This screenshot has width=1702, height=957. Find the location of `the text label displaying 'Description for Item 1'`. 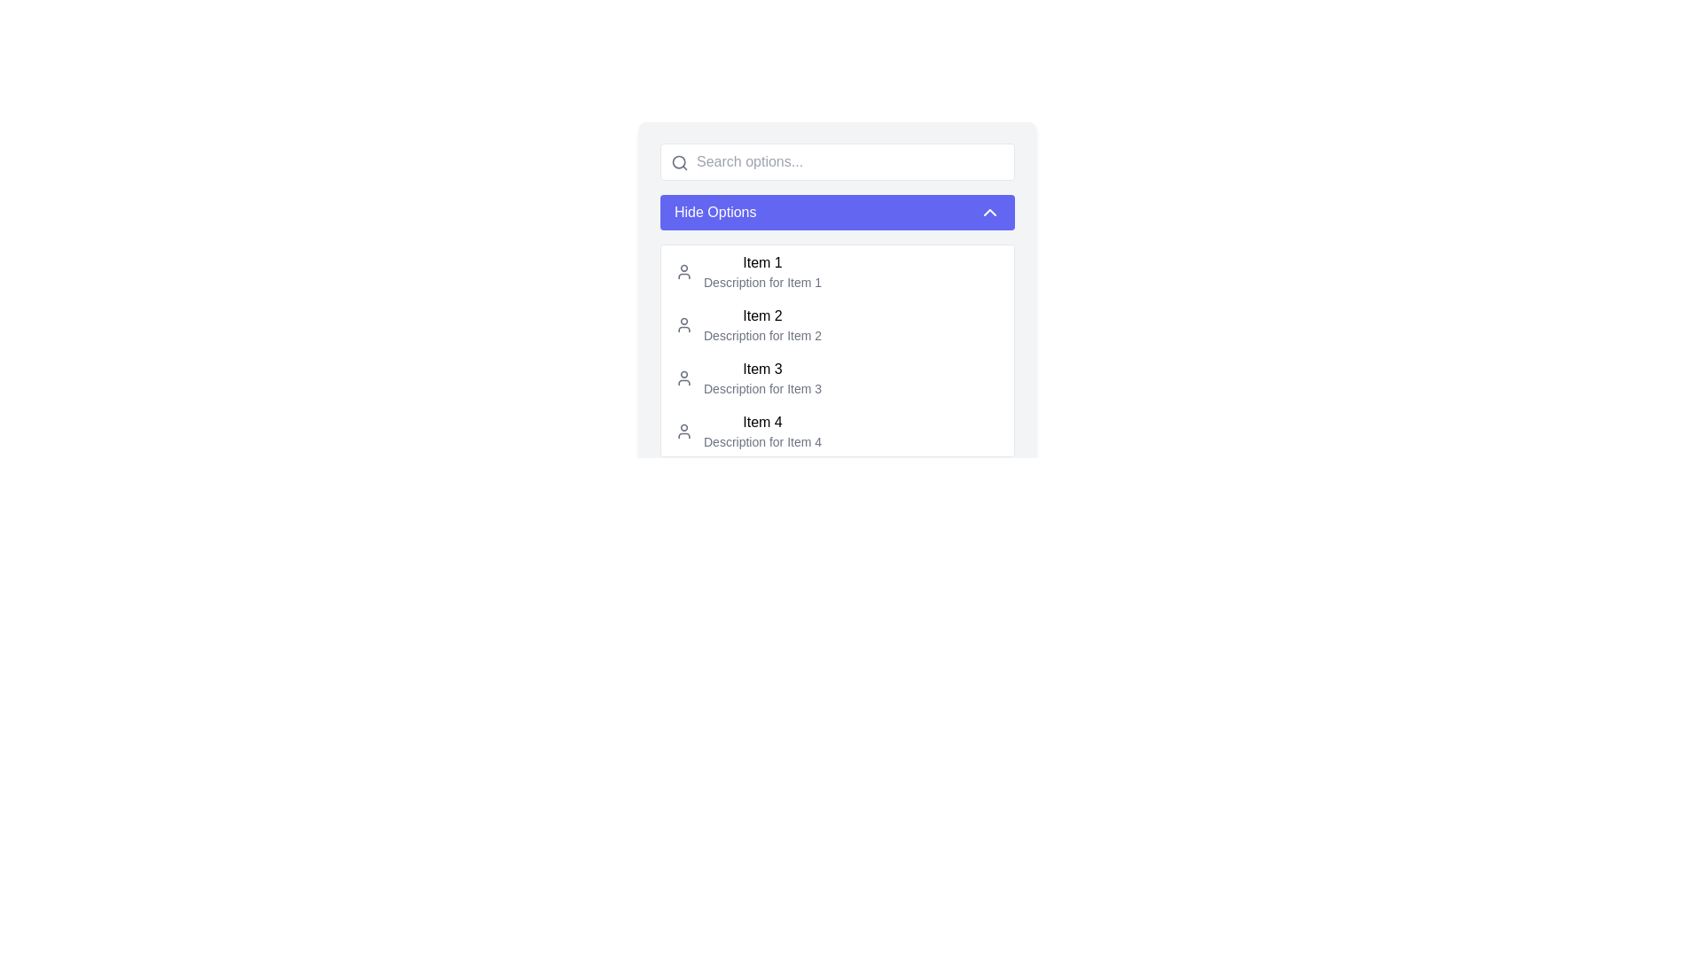

the text label displaying 'Description for Item 1' is located at coordinates (762, 282).